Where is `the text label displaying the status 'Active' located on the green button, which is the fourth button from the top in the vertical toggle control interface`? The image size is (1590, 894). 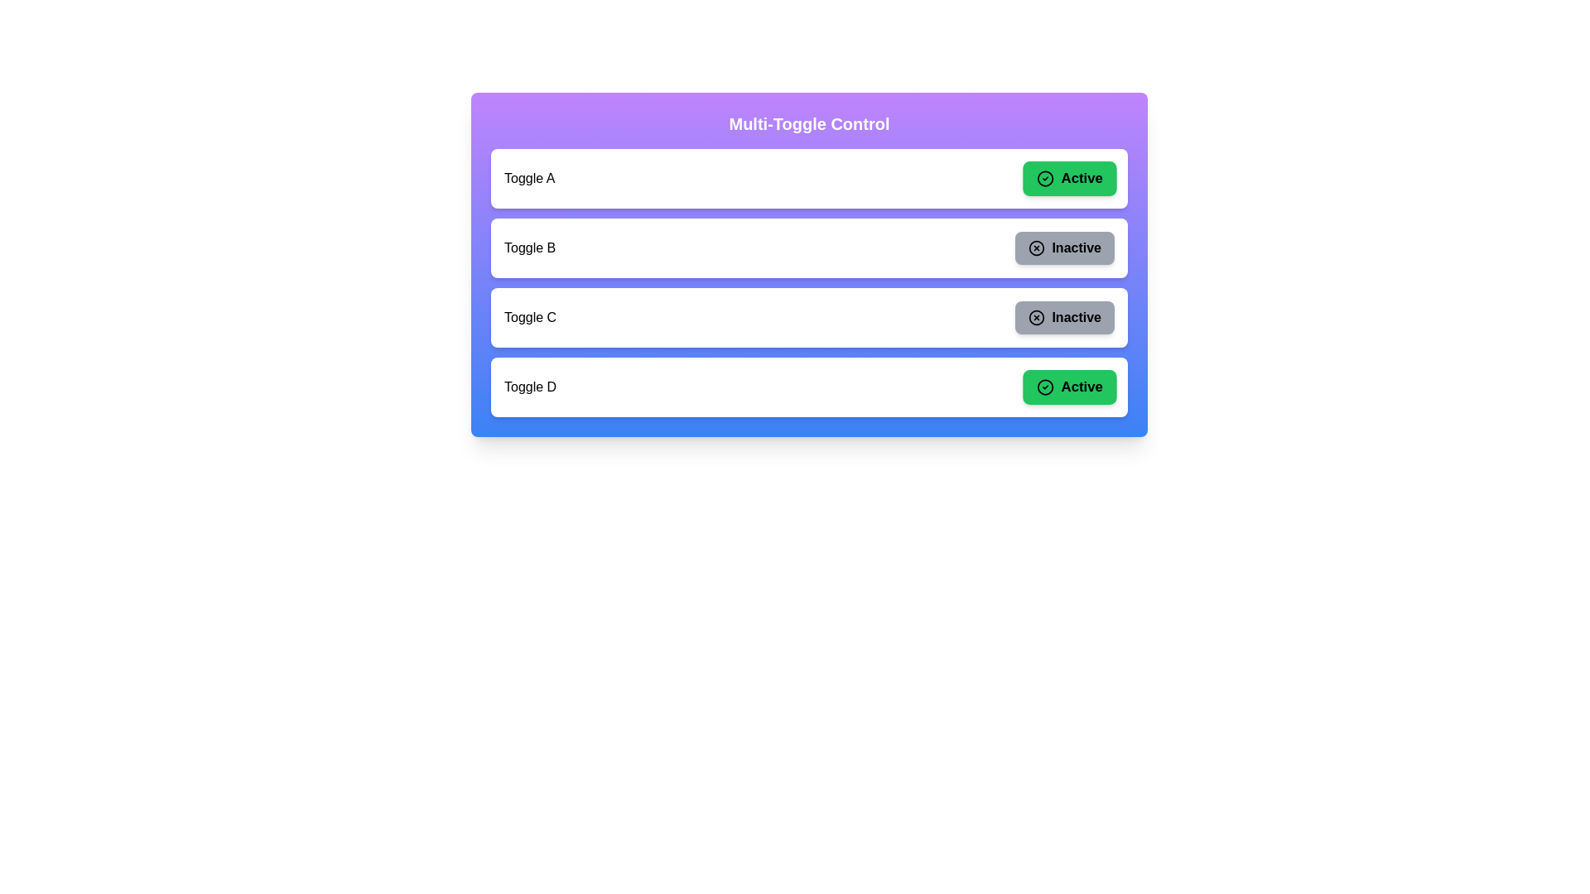 the text label displaying the status 'Active' located on the green button, which is the fourth button from the top in the vertical toggle control interface is located at coordinates (1082, 387).